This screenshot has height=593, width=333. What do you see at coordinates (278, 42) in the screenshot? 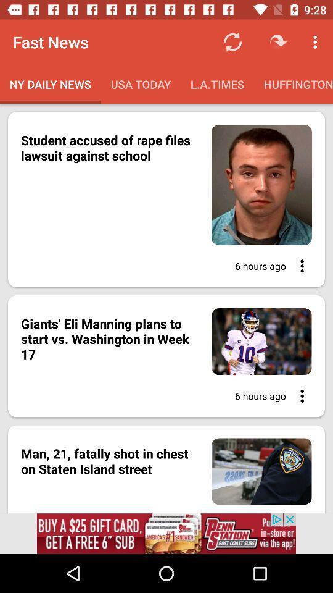
I see `tap on icon just left to the refresh button` at bounding box center [278, 42].